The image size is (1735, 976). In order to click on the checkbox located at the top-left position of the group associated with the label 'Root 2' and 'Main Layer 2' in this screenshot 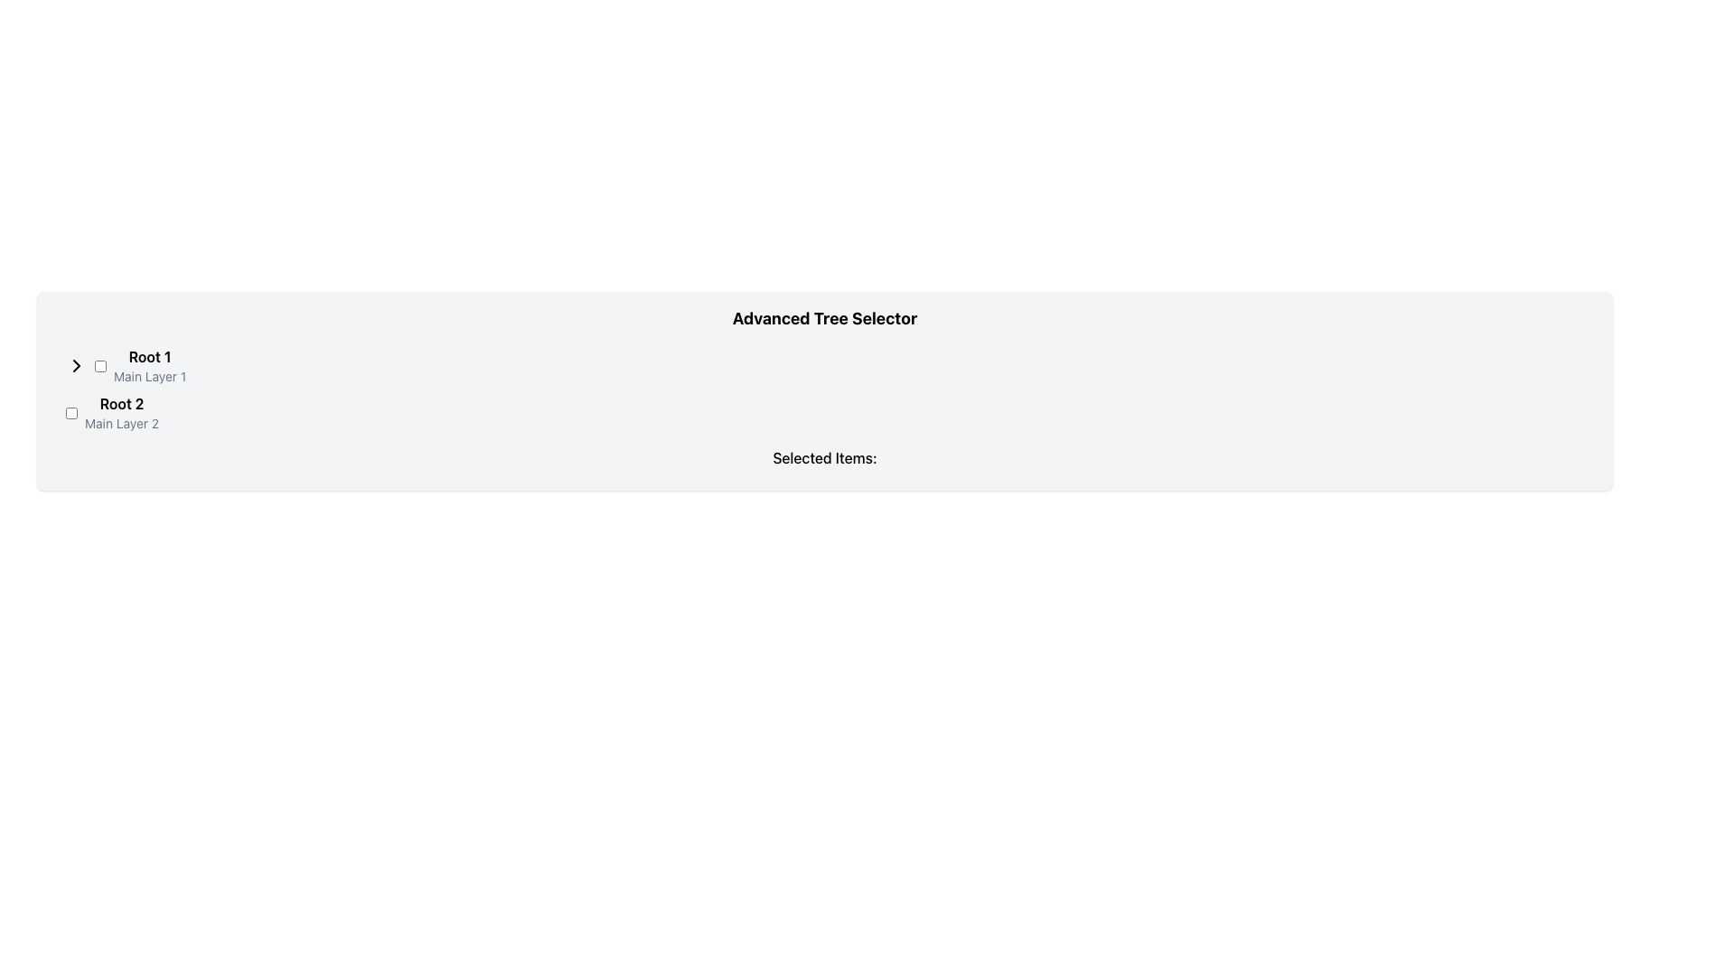, I will do `click(71, 412)`.